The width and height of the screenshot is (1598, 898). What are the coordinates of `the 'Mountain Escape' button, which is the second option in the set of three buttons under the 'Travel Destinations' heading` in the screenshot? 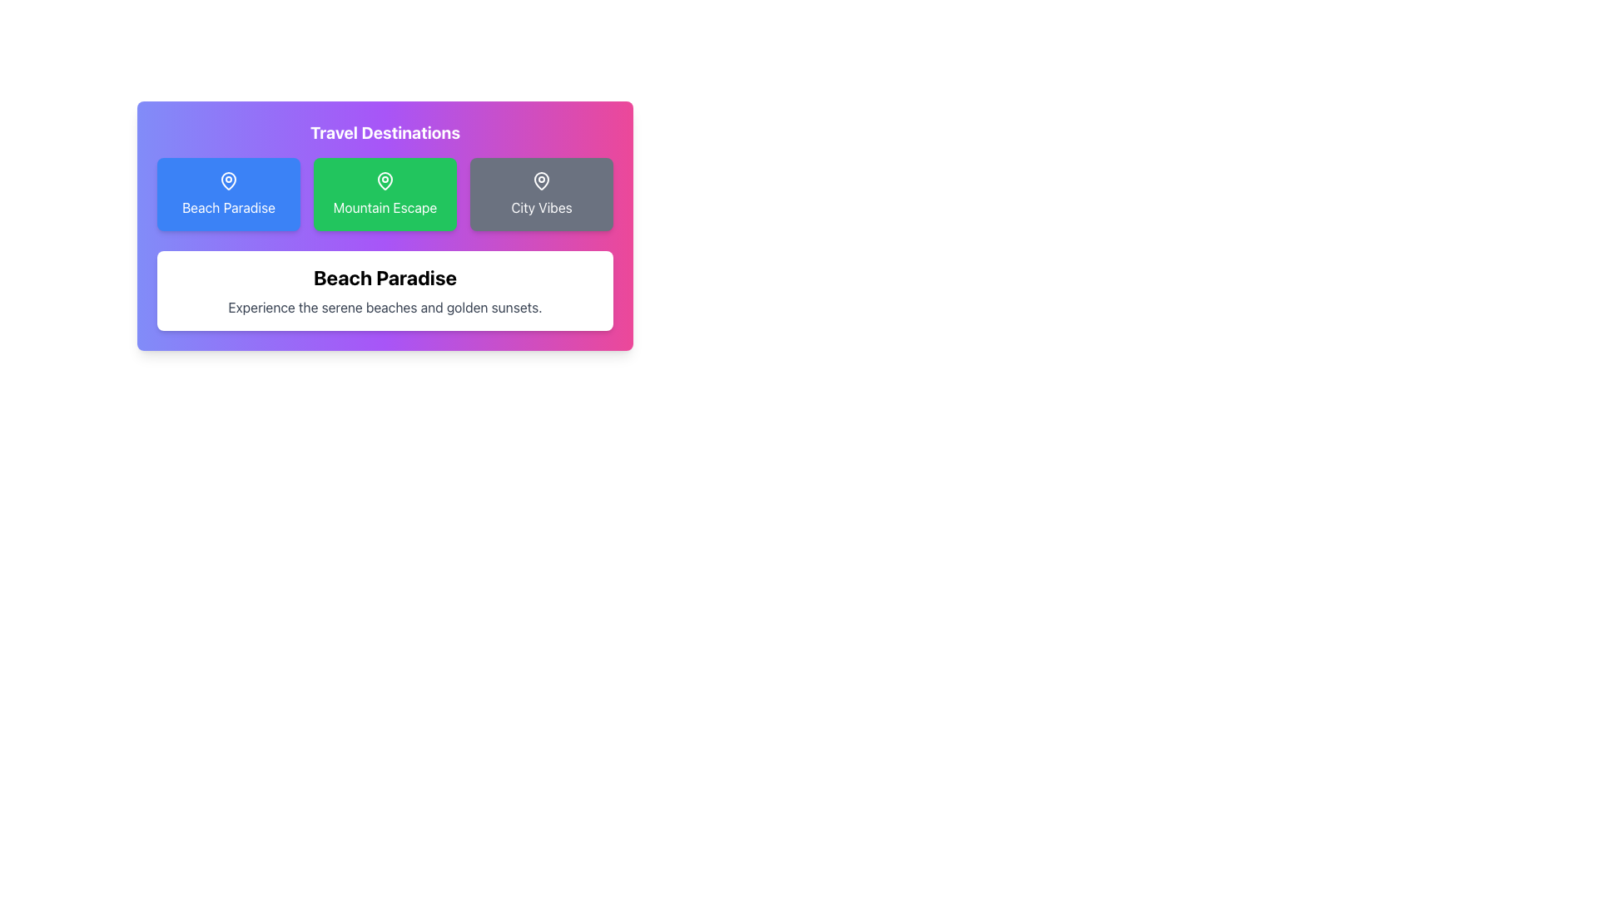 It's located at (384, 194).